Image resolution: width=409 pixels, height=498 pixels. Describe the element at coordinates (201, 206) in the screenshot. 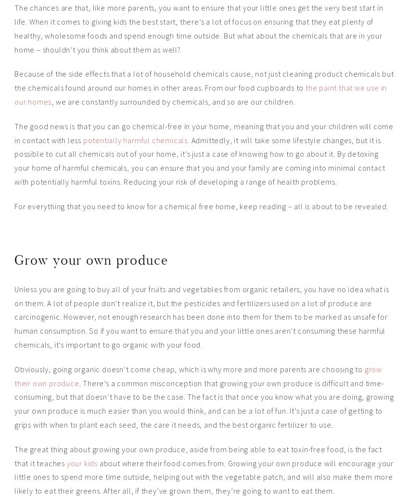

I see `'For everything that you need to know for a chemical free home, keep reading – all is about to be revealed.'` at that location.